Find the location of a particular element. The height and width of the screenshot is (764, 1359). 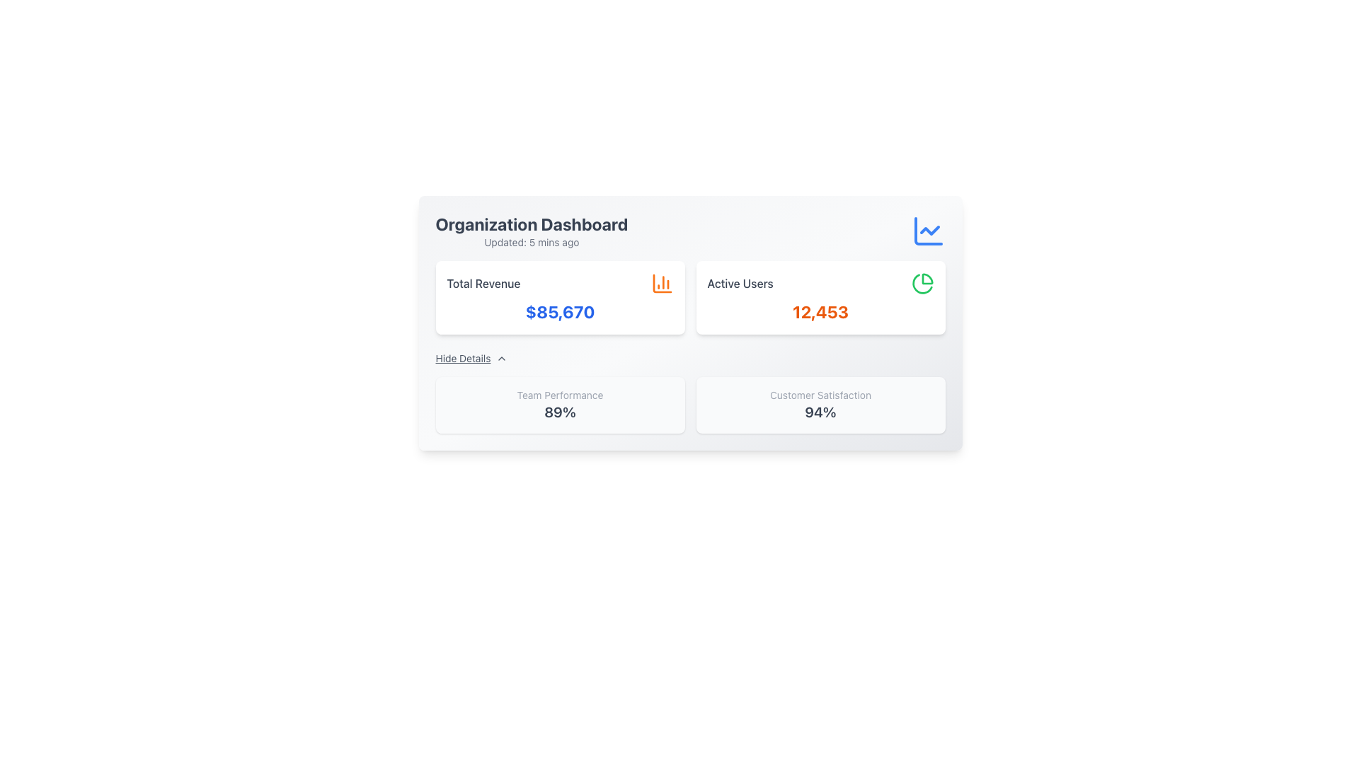

the static text label displaying 'Customer Satisfaction', which is styled in gray and positioned above the percentage value in a light gray card is located at coordinates (820, 395).